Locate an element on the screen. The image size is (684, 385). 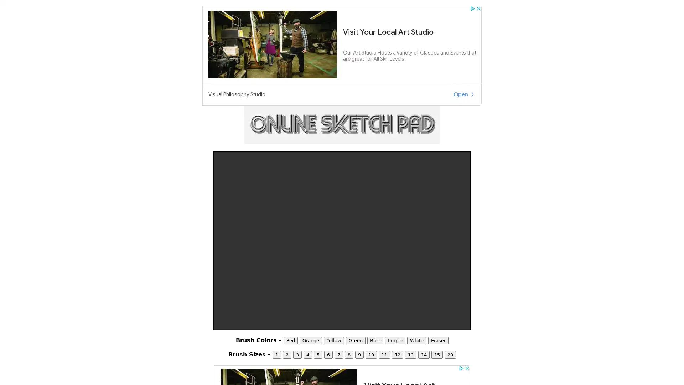
11 is located at coordinates (384, 355).